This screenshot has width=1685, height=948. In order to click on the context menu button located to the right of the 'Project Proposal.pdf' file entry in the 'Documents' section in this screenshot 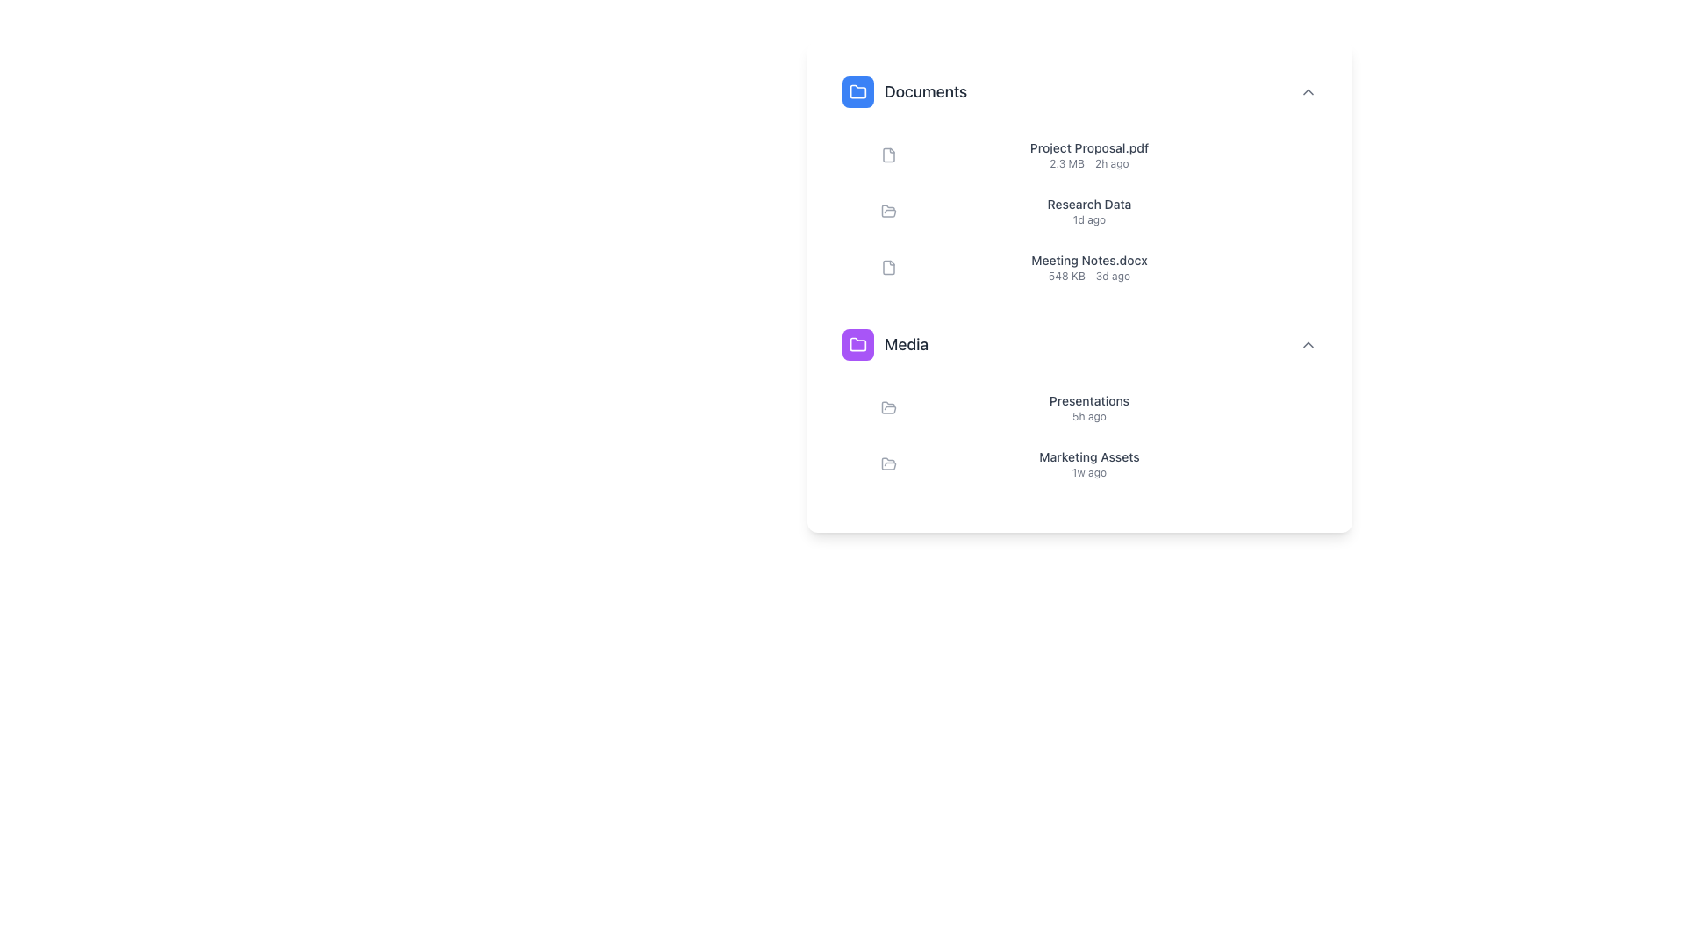, I will do `click(1309, 154)`.